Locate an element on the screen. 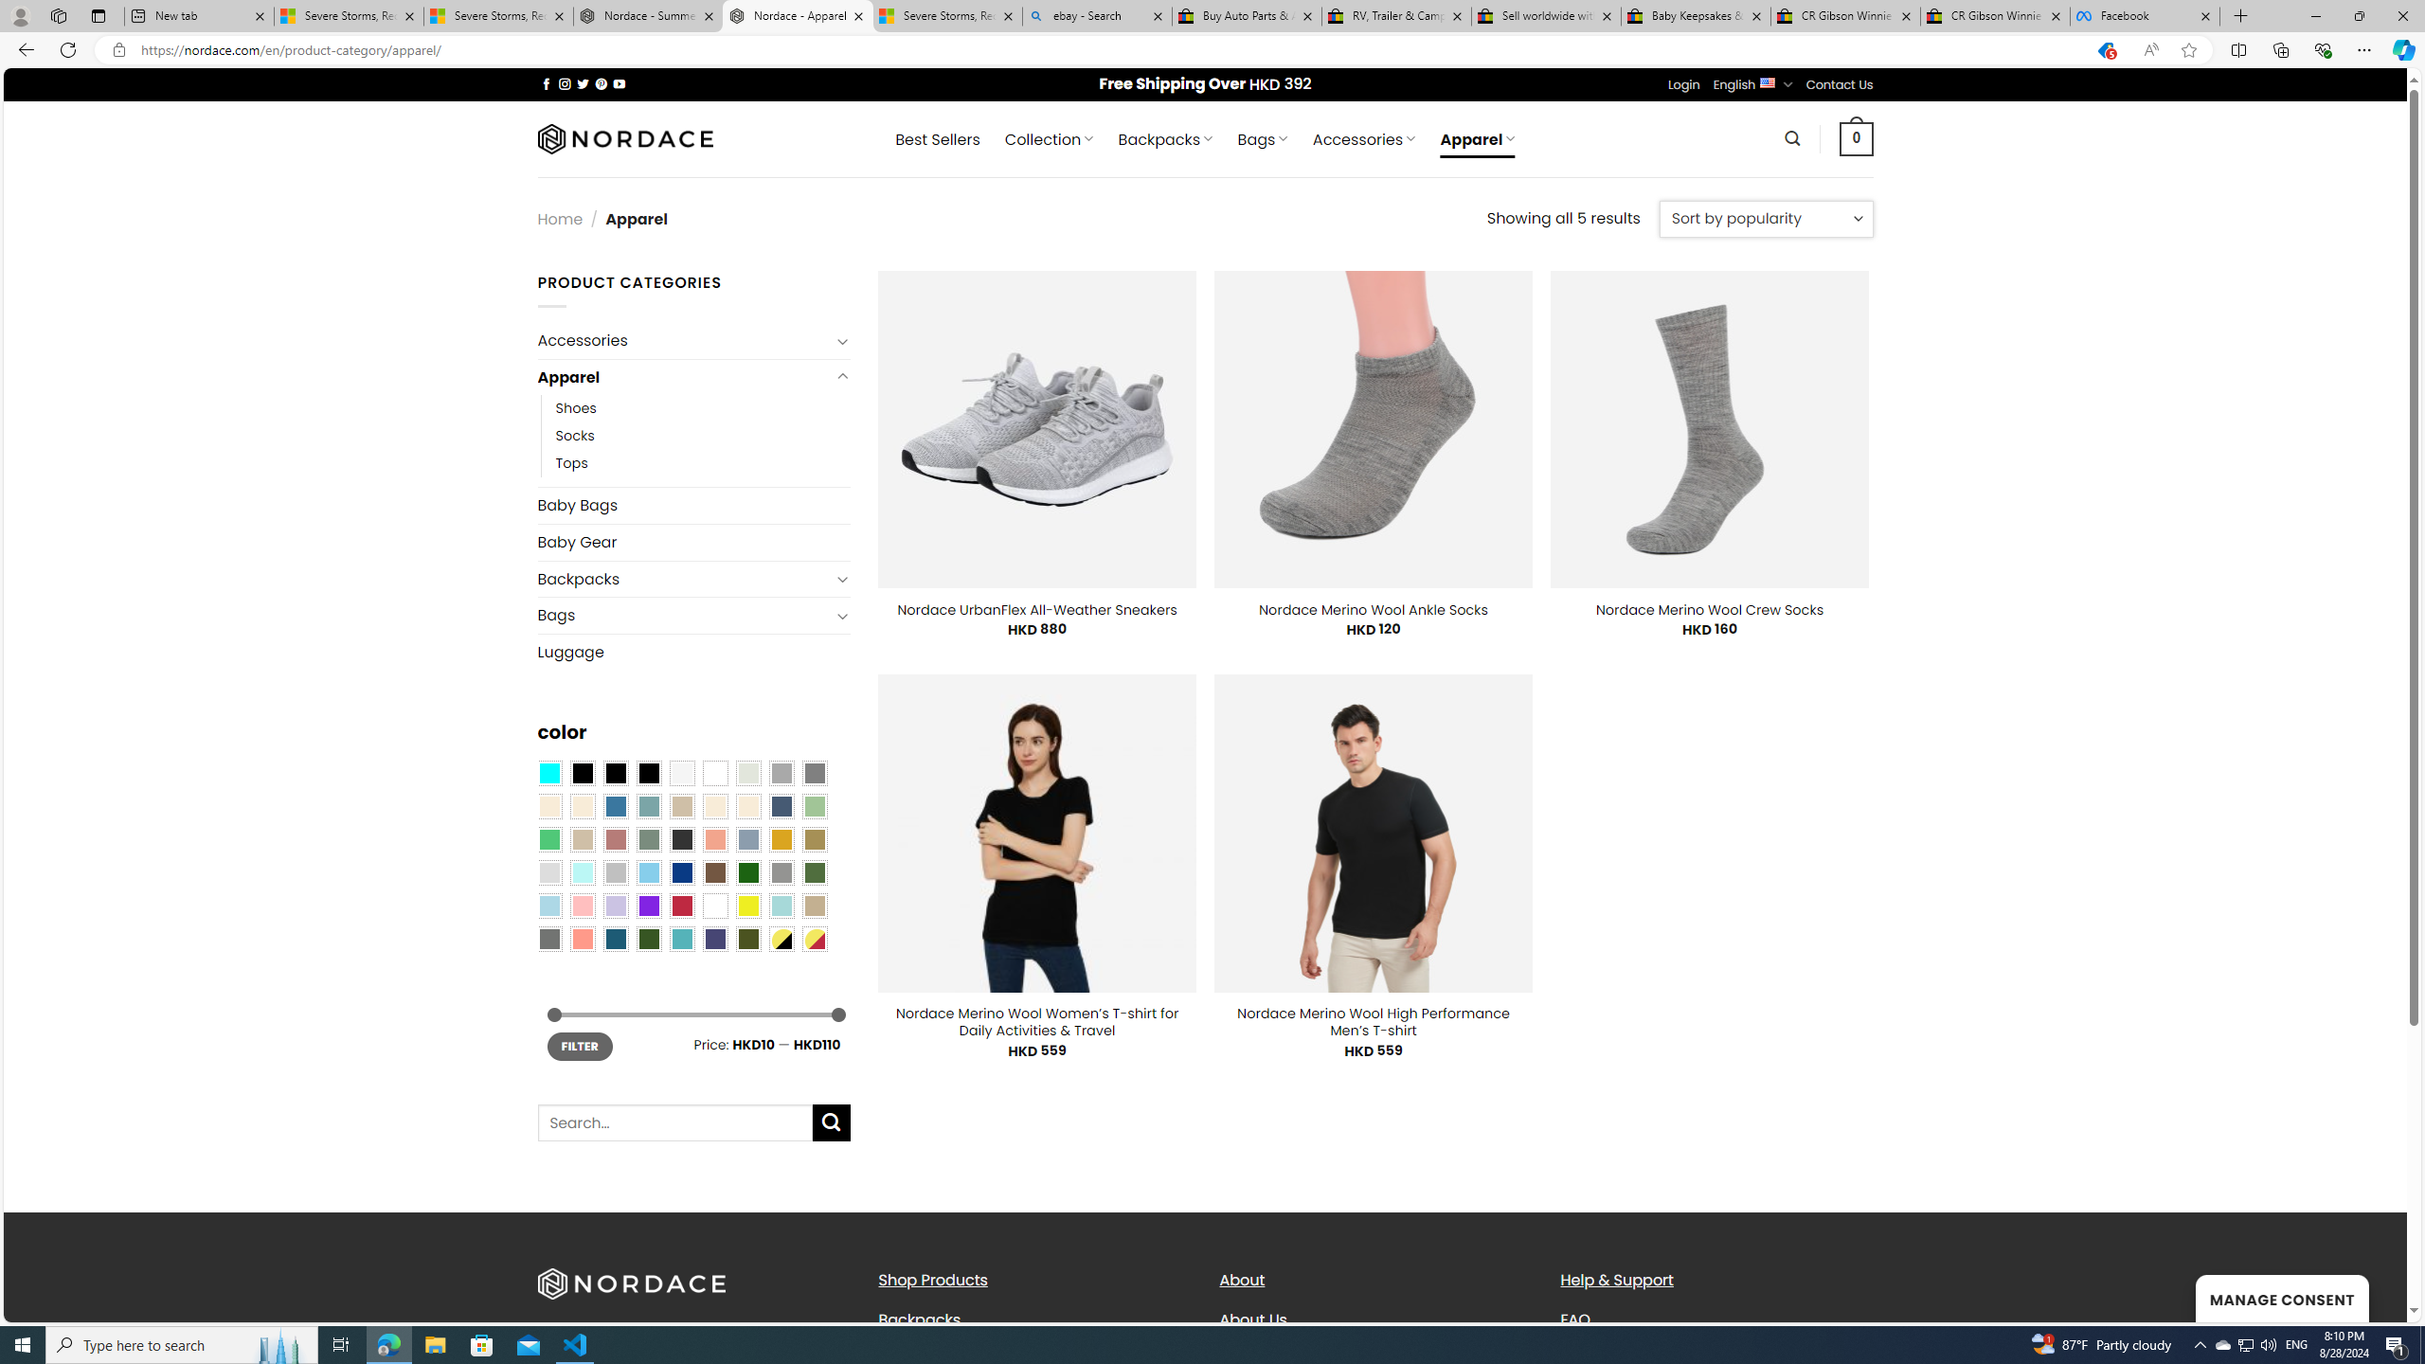 The height and width of the screenshot is (1364, 2425). 'Navy Blue' is located at coordinates (680, 871).